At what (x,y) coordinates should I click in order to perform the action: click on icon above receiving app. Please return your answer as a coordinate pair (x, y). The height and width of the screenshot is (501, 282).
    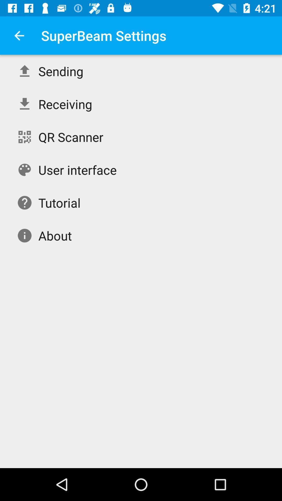
    Looking at the image, I should click on (61, 71).